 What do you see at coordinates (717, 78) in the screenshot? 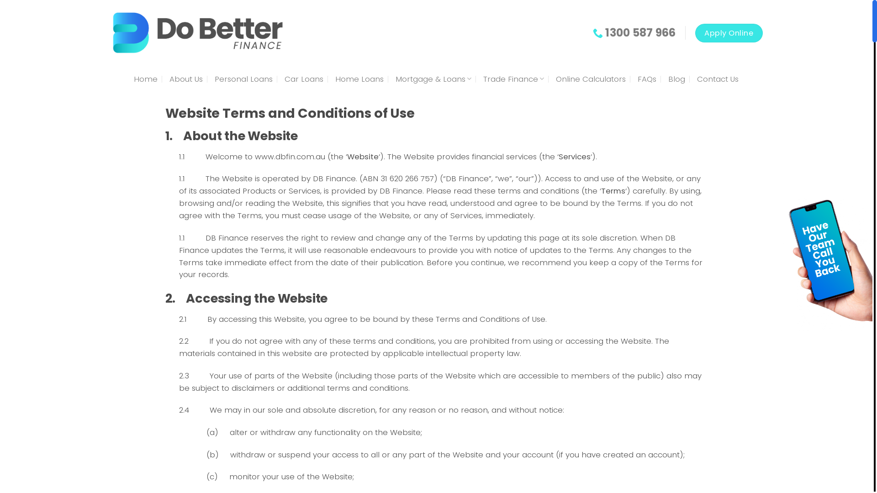
I see `'Contact Us'` at bounding box center [717, 78].